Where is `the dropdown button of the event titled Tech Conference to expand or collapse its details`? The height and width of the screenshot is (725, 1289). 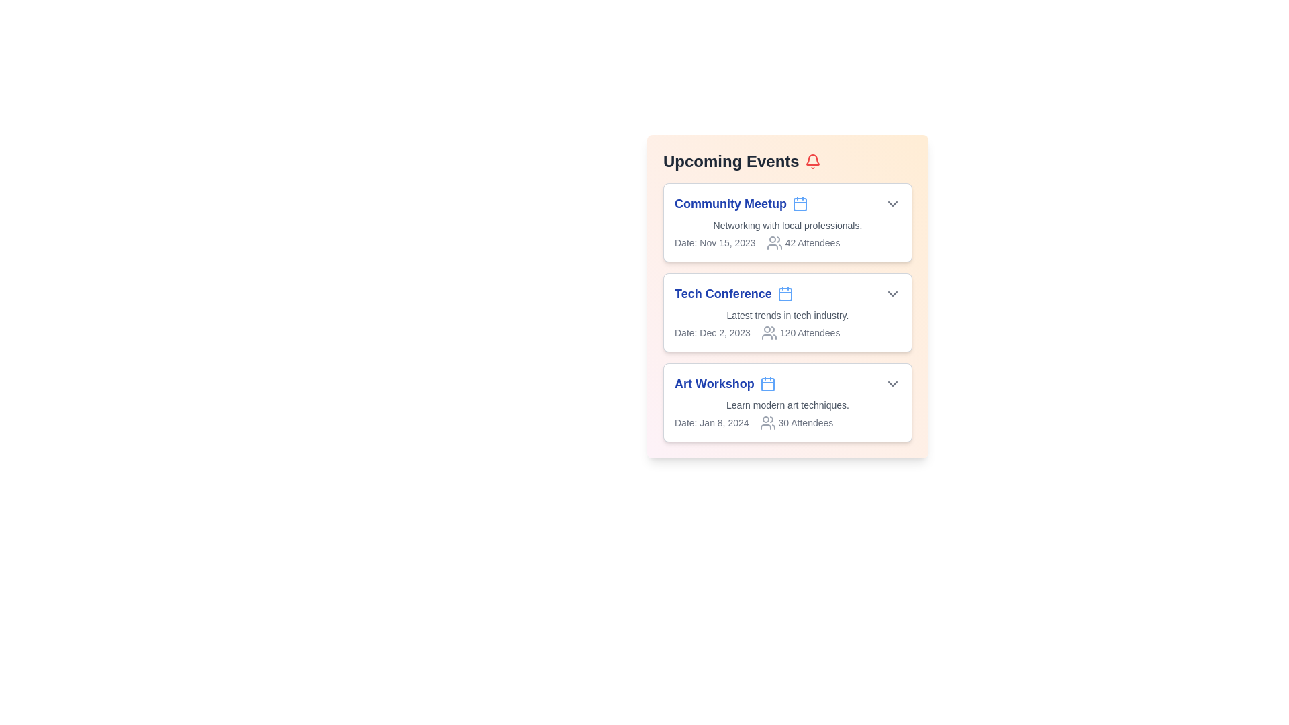 the dropdown button of the event titled Tech Conference to expand or collapse its details is located at coordinates (892, 293).